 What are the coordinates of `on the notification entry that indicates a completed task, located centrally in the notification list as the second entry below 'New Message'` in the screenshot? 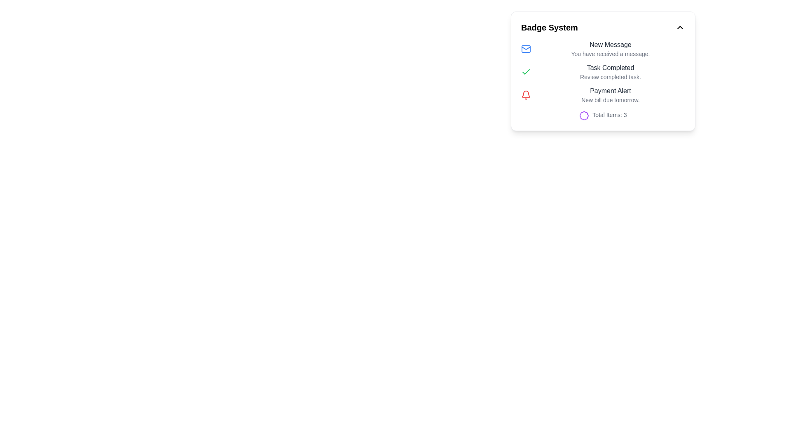 It's located at (603, 71).